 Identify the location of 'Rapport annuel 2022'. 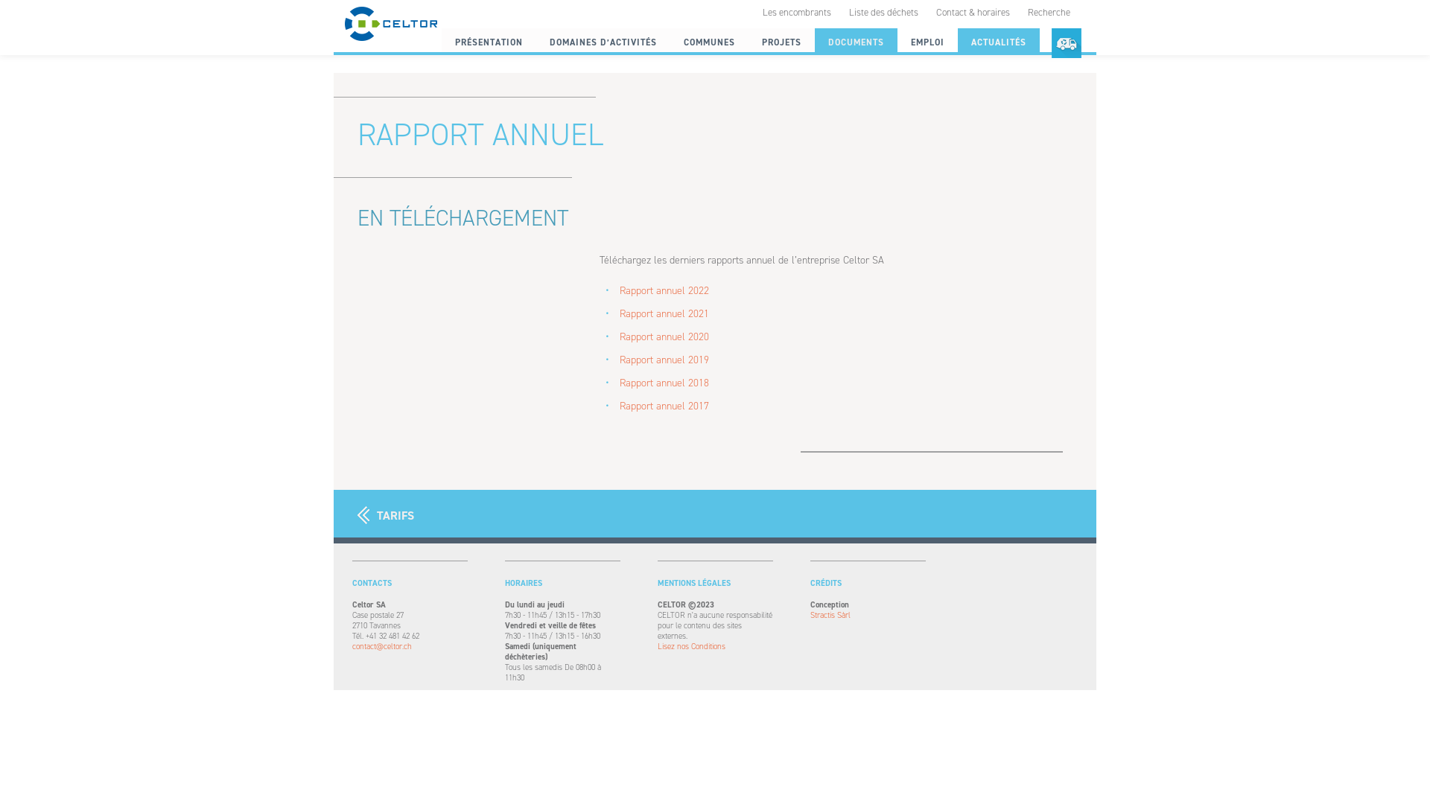
(664, 290).